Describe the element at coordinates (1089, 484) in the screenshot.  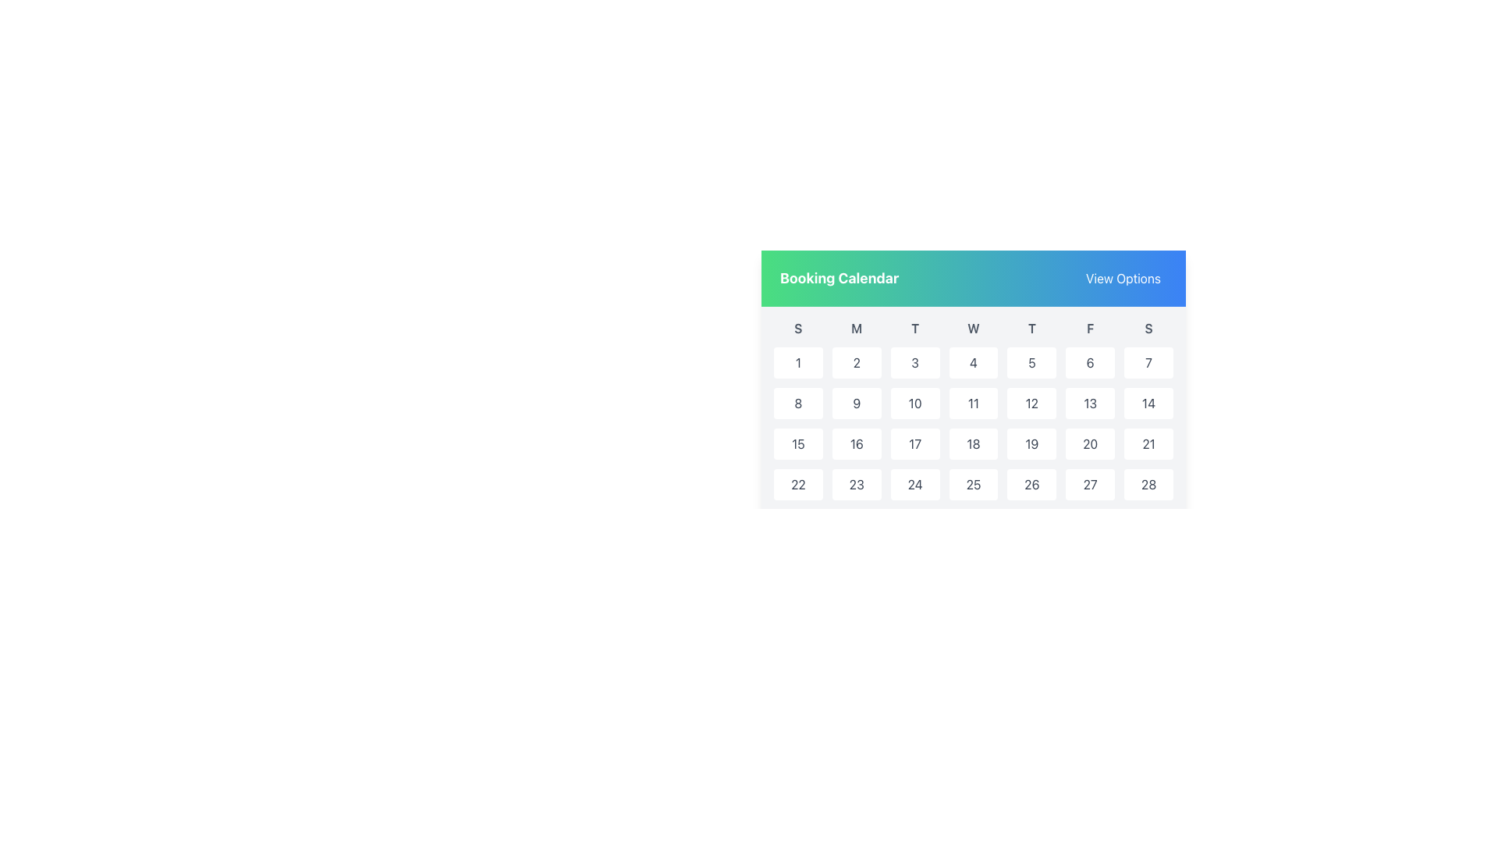
I see `the text element representing the date 27 in the calendar` at that location.